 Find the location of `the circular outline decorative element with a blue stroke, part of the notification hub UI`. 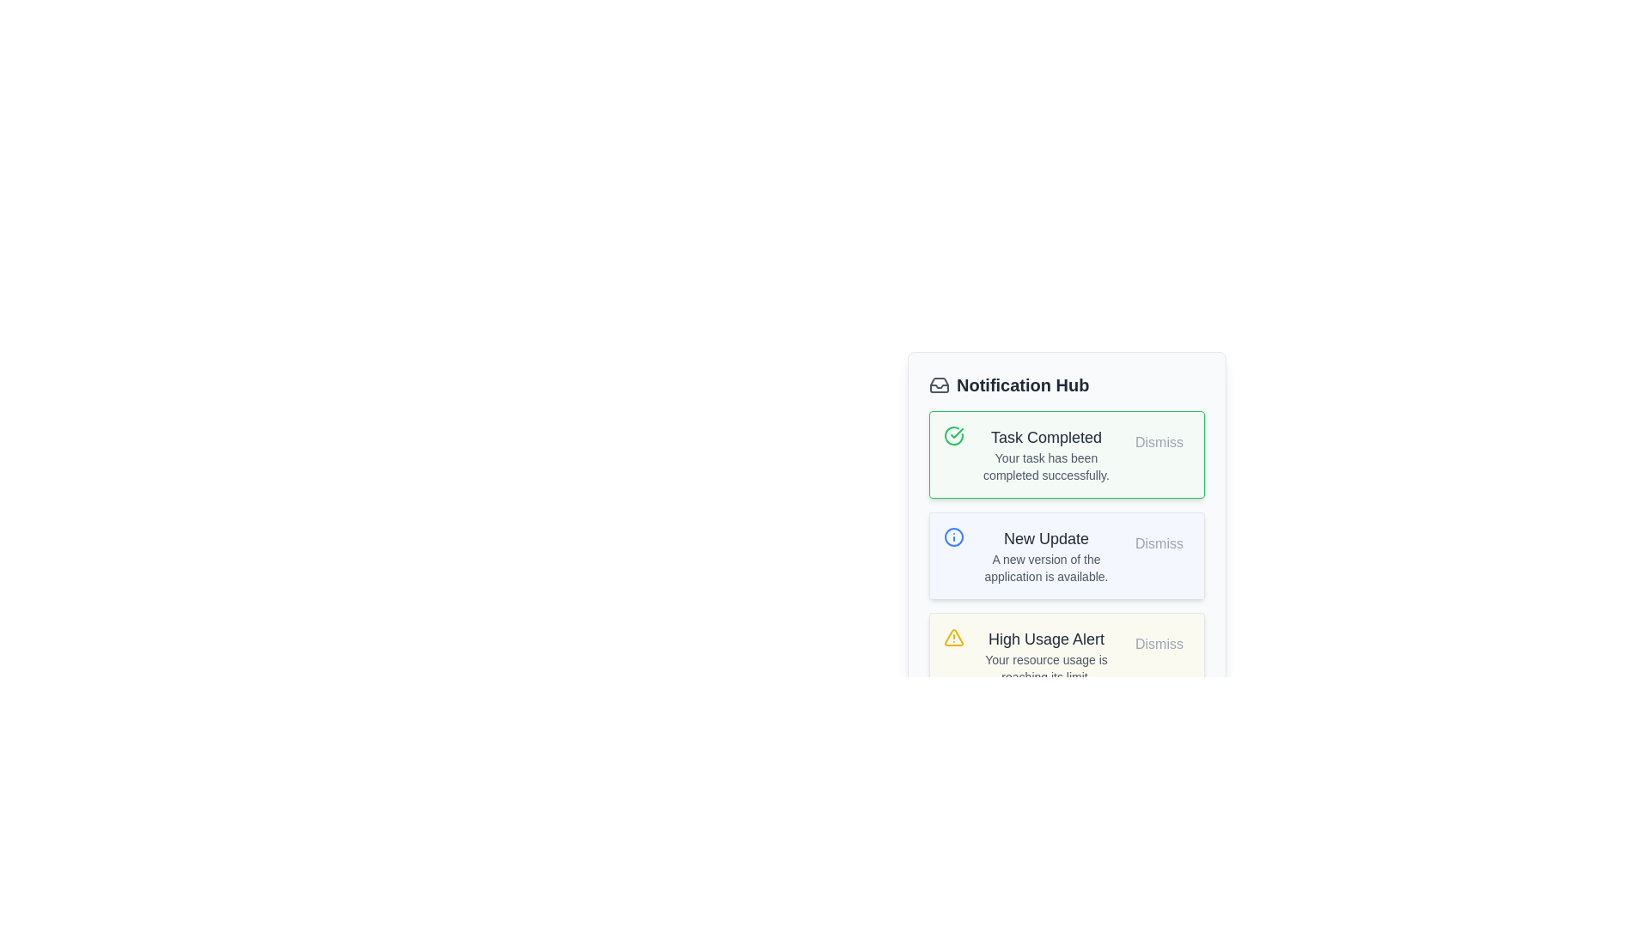

the circular outline decorative element with a blue stroke, part of the notification hub UI is located at coordinates (952, 536).